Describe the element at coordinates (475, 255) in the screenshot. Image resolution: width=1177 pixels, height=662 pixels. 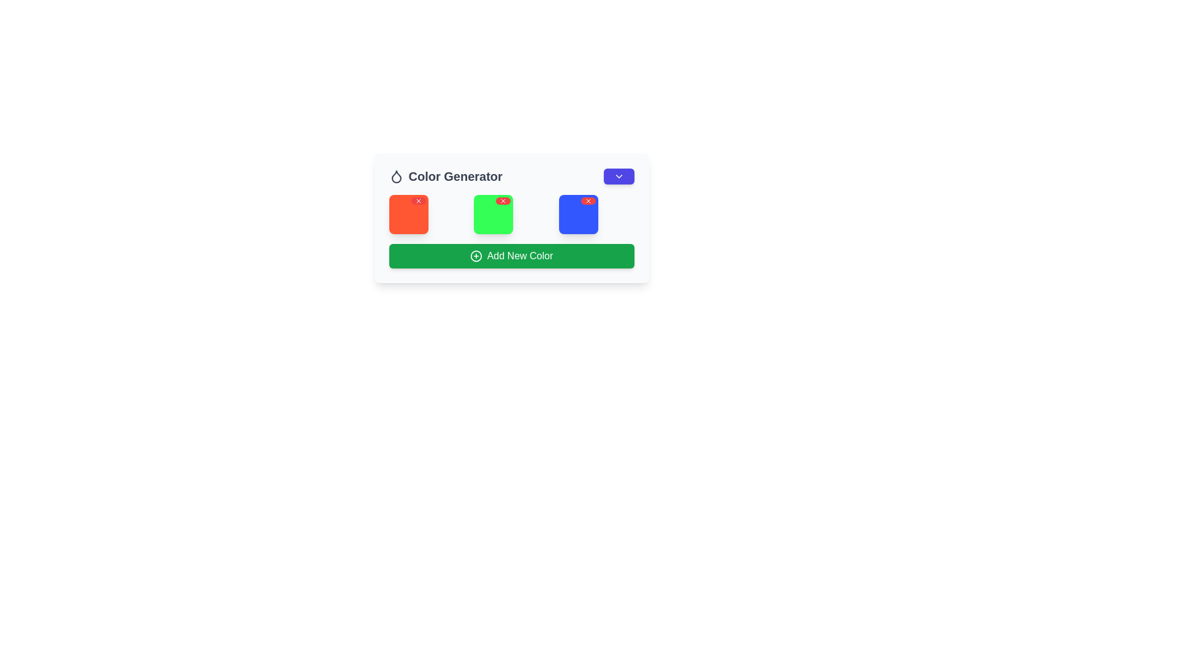
I see `the plus symbol icon within the green 'Add New Color' button` at that location.